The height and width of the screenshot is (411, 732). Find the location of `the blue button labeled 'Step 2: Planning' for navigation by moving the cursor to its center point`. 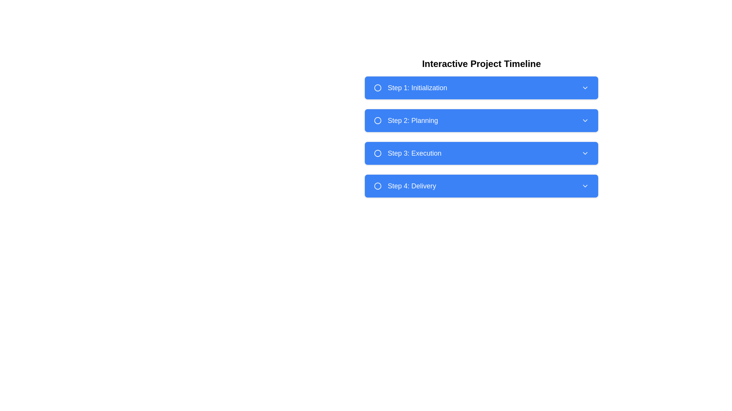

the blue button labeled 'Step 2: Planning' for navigation by moving the cursor to its center point is located at coordinates (481, 120).